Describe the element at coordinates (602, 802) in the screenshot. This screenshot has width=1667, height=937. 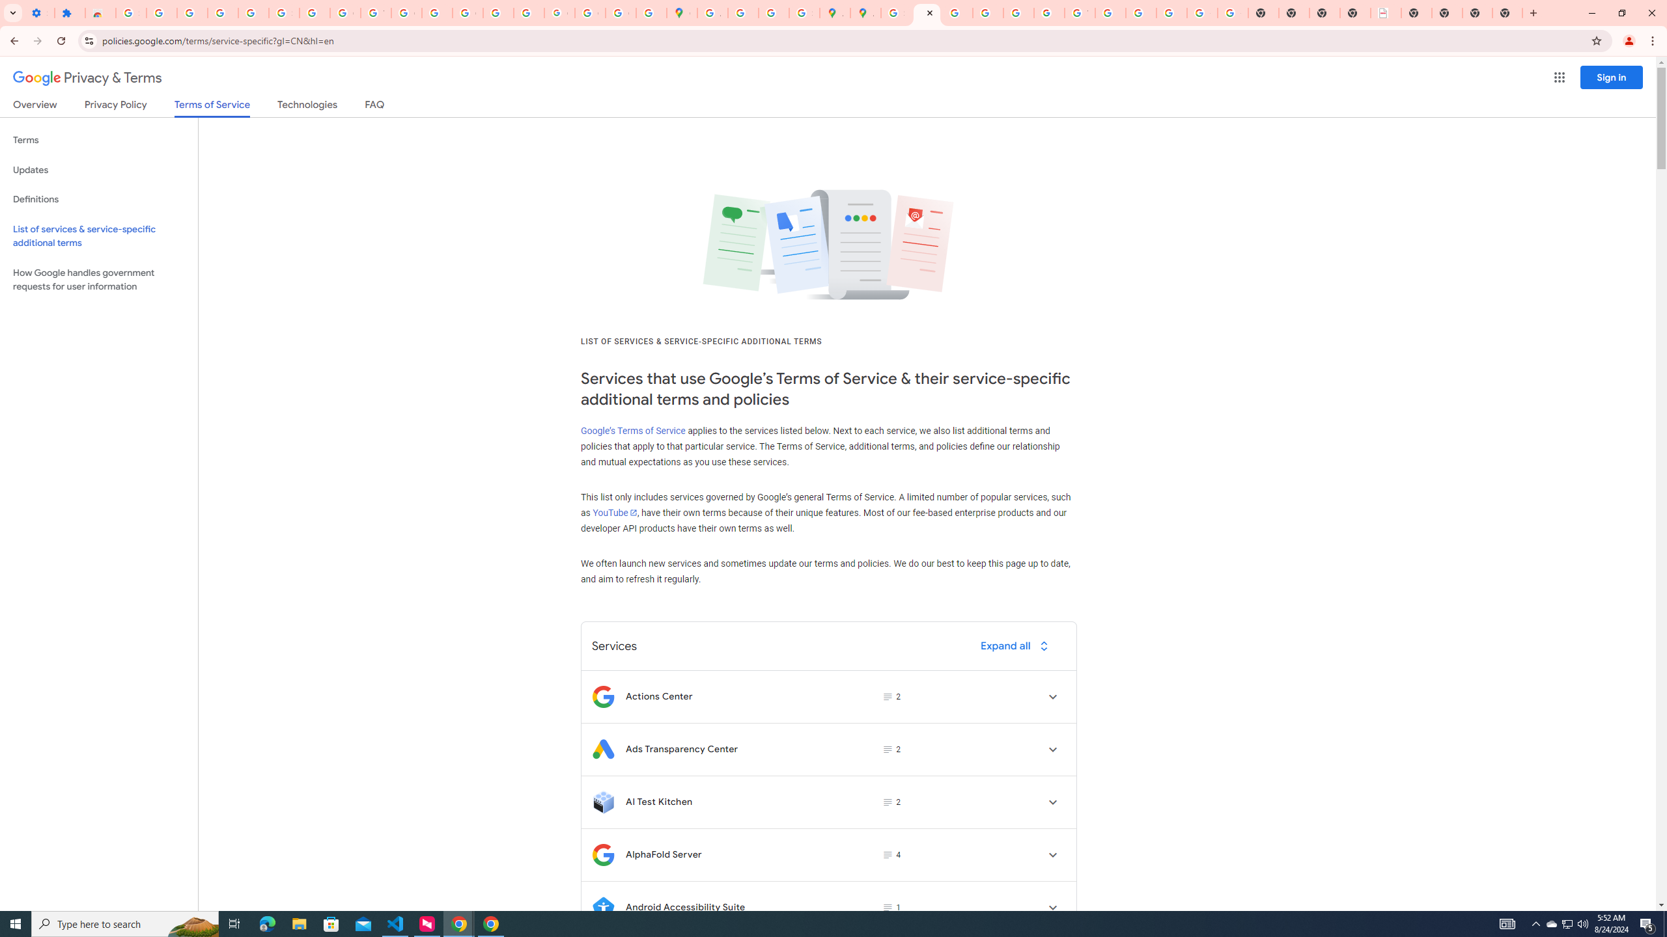
I see `'Logo for AI Test Kitchen'` at that location.